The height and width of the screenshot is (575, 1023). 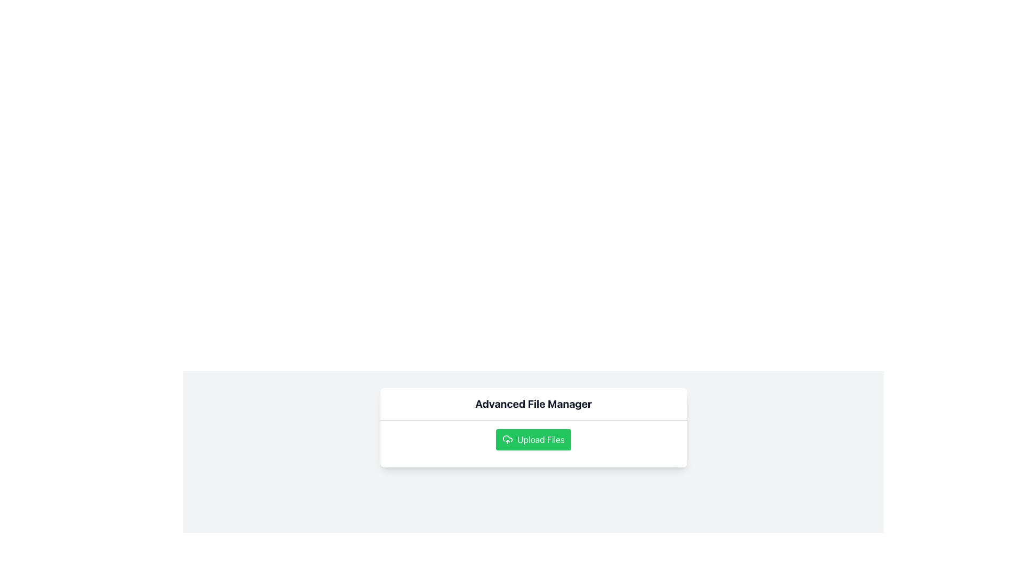 What do you see at coordinates (507, 439) in the screenshot?
I see `the upload icon represented by an SVG graphic located within the green button labeled 'Upload Files', positioned to the left of the label text` at bounding box center [507, 439].